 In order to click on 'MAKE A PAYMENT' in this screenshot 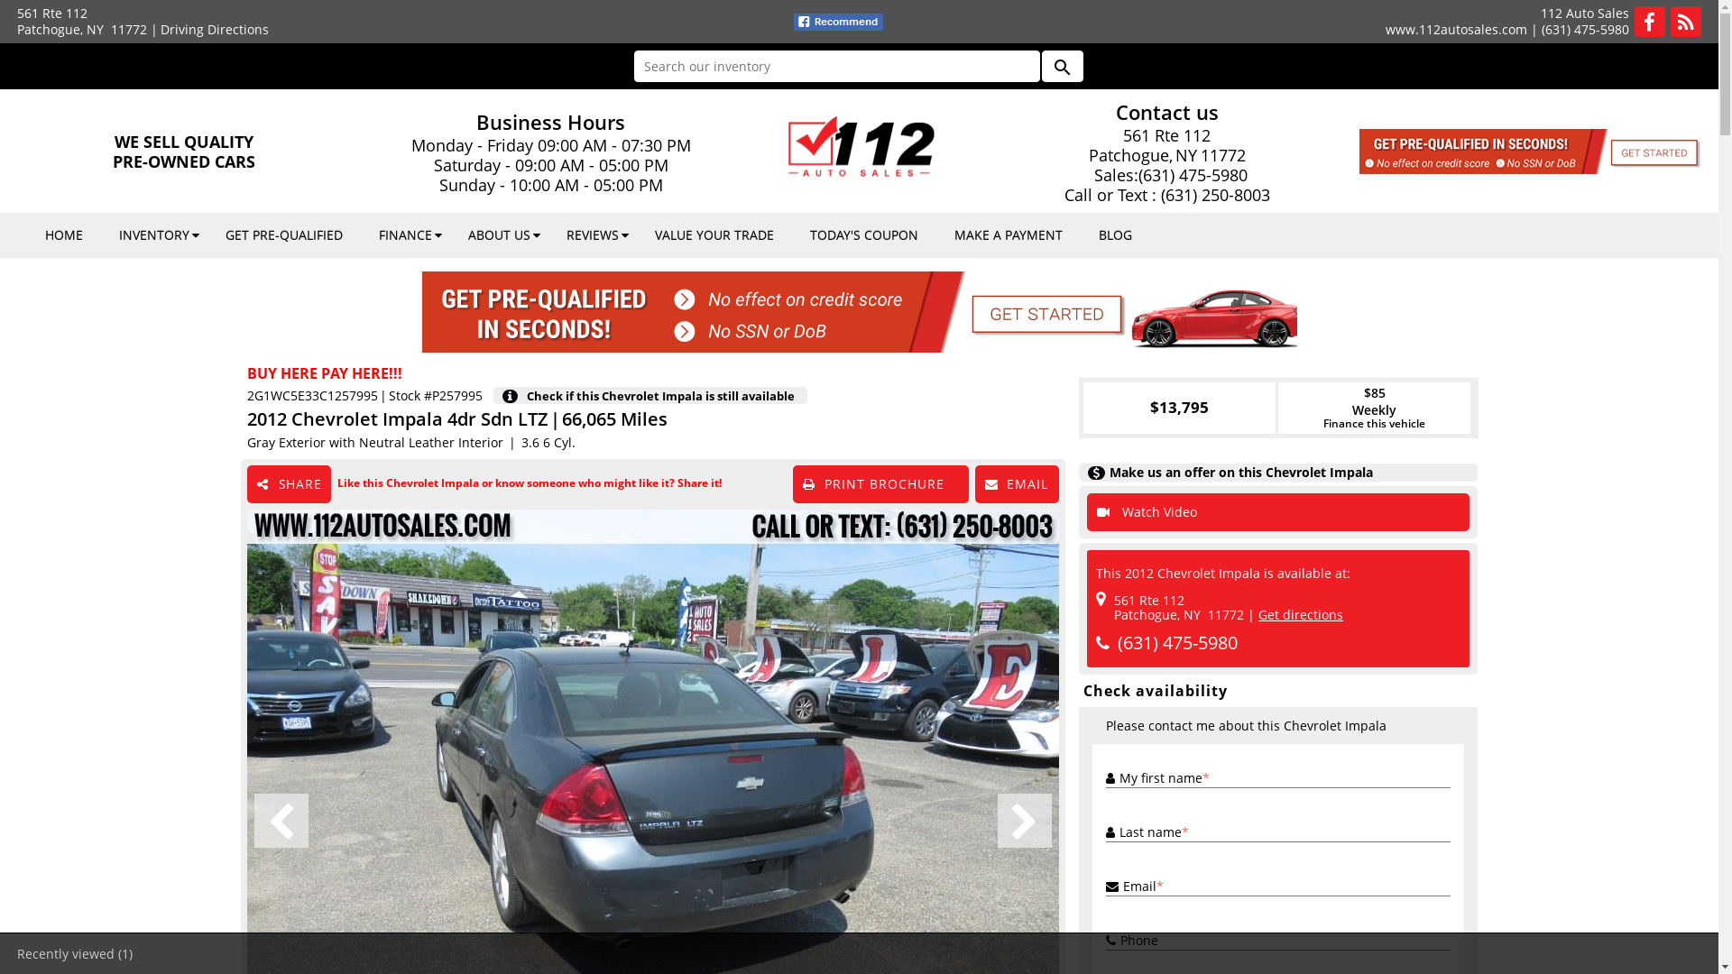, I will do `click(1008, 234)`.